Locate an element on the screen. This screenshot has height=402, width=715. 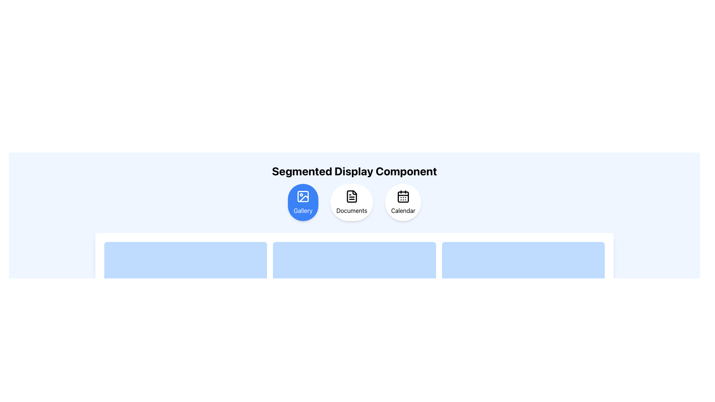
the 'Calendar' text label which is part of the third circular button in the navigation feature is located at coordinates (403, 211).